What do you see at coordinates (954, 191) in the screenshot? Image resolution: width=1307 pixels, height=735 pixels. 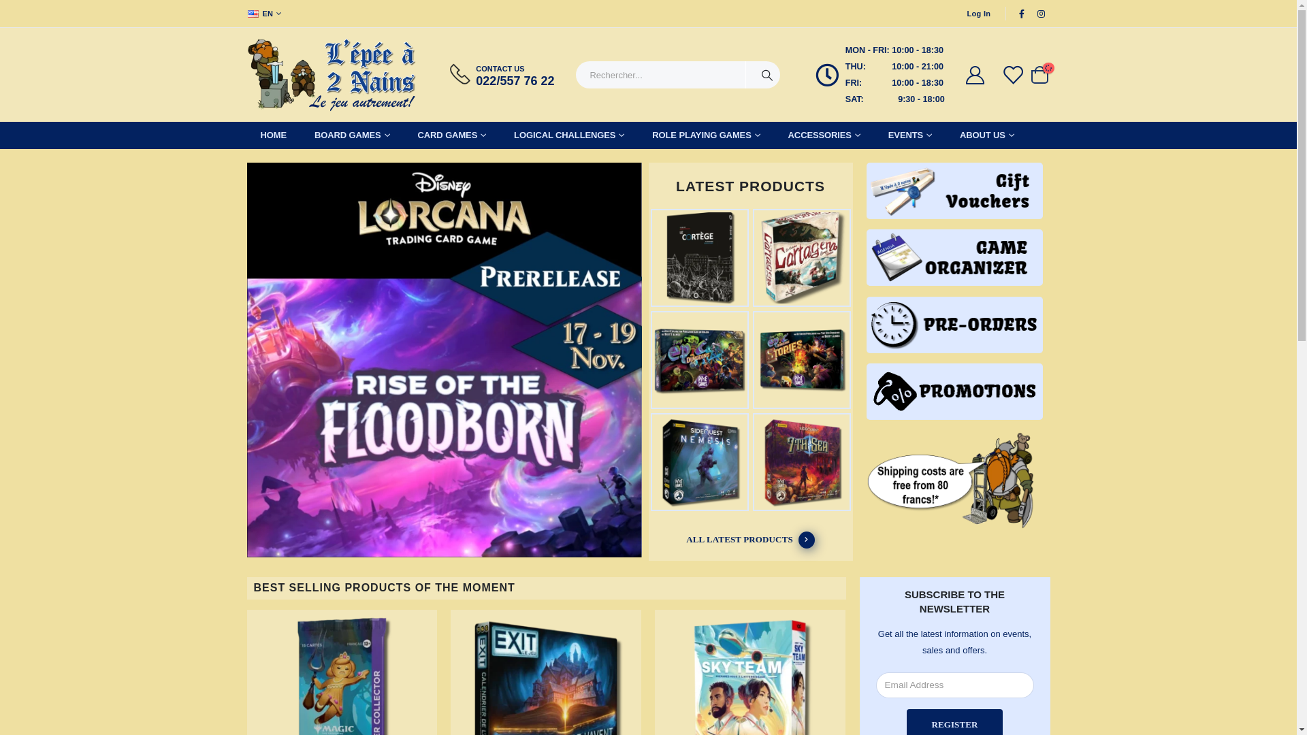 I see `'bons_cadeaux_en'` at bounding box center [954, 191].